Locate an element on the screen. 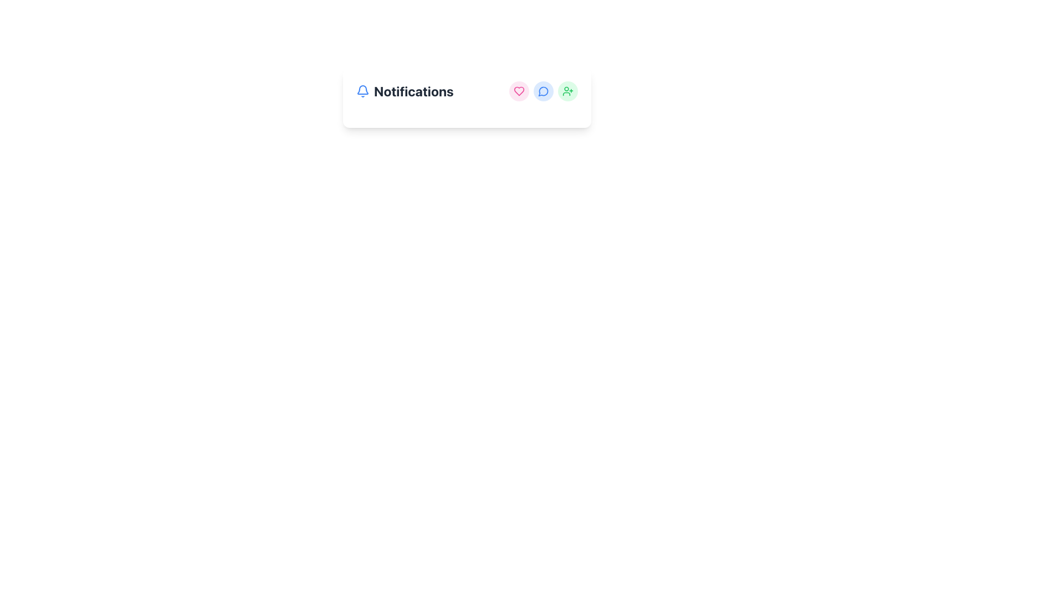 This screenshot has width=1064, height=598. the third button in a horizontal row of buttons that represents messaging or comment functionality, indicated by a speech bubble icon is located at coordinates (543, 91).